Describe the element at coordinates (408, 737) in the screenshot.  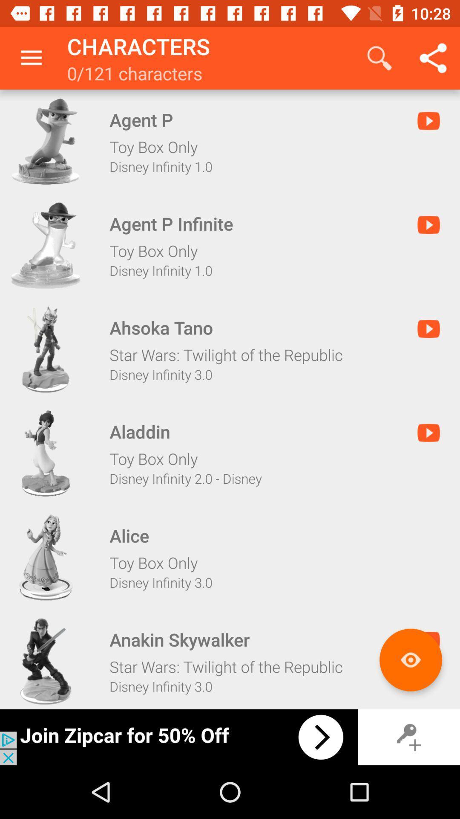
I see `key option` at that location.